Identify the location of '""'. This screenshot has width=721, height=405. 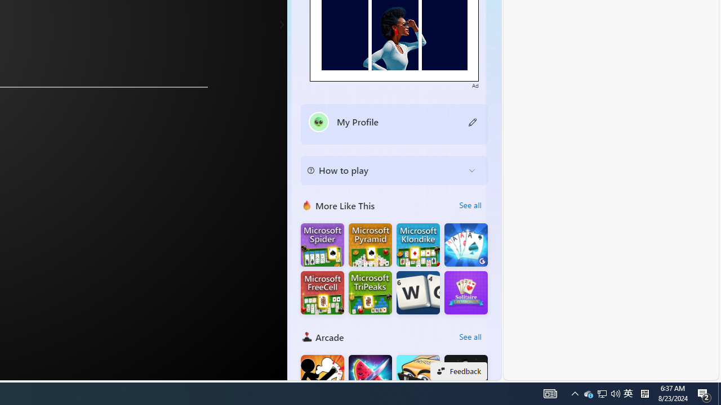
(318, 122).